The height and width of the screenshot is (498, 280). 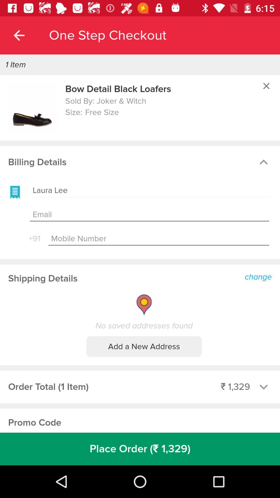 What do you see at coordinates (149, 215) in the screenshot?
I see `email` at bounding box center [149, 215].